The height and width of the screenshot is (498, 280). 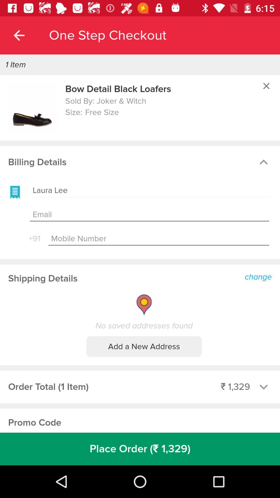 What do you see at coordinates (149, 215) in the screenshot?
I see `email` at bounding box center [149, 215].